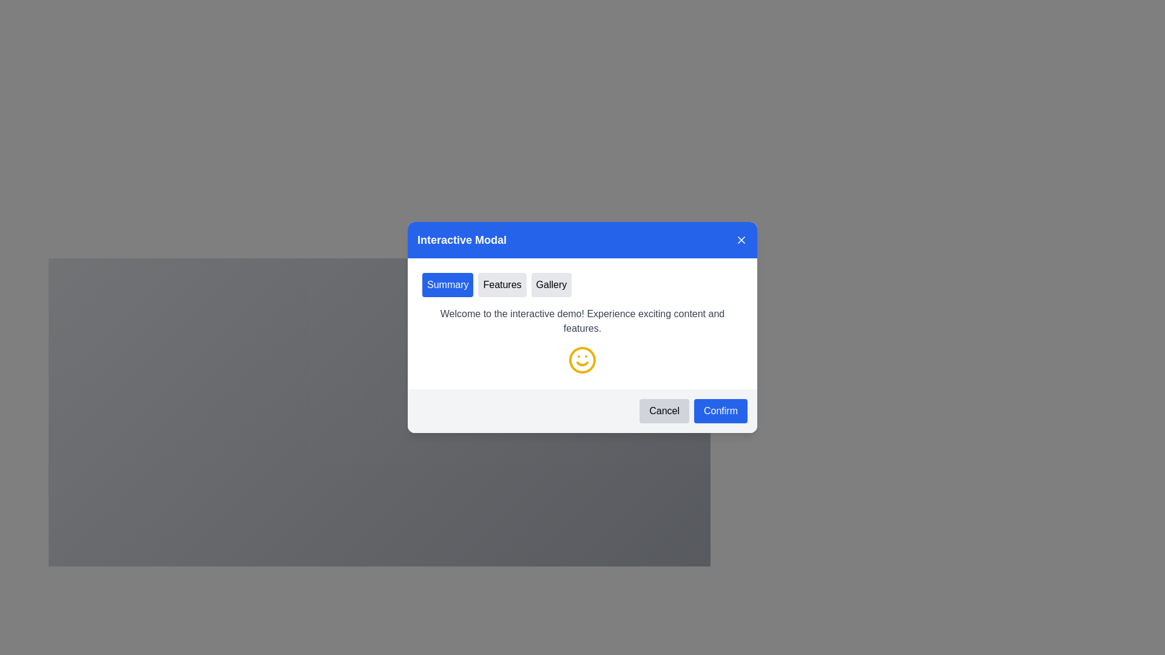 Image resolution: width=1165 pixels, height=655 pixels. Describe the element at coordinates (664, 411) in the screenshot. I see `the 'Cancel' button with rounded corners and a gray background, which is positioned to the left of the 'Confirm' button in the footer section of the modal` at that location.